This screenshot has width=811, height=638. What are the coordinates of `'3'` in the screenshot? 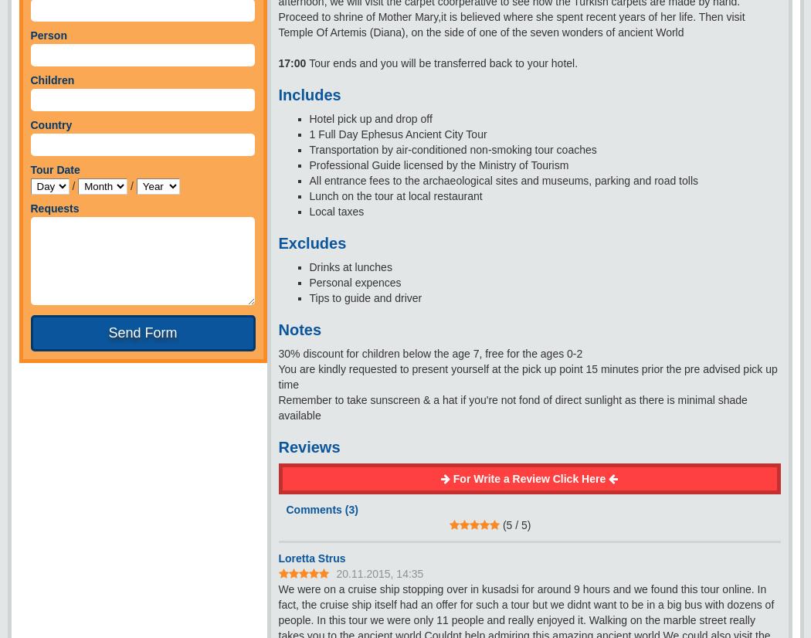 It's located at (351, 509).